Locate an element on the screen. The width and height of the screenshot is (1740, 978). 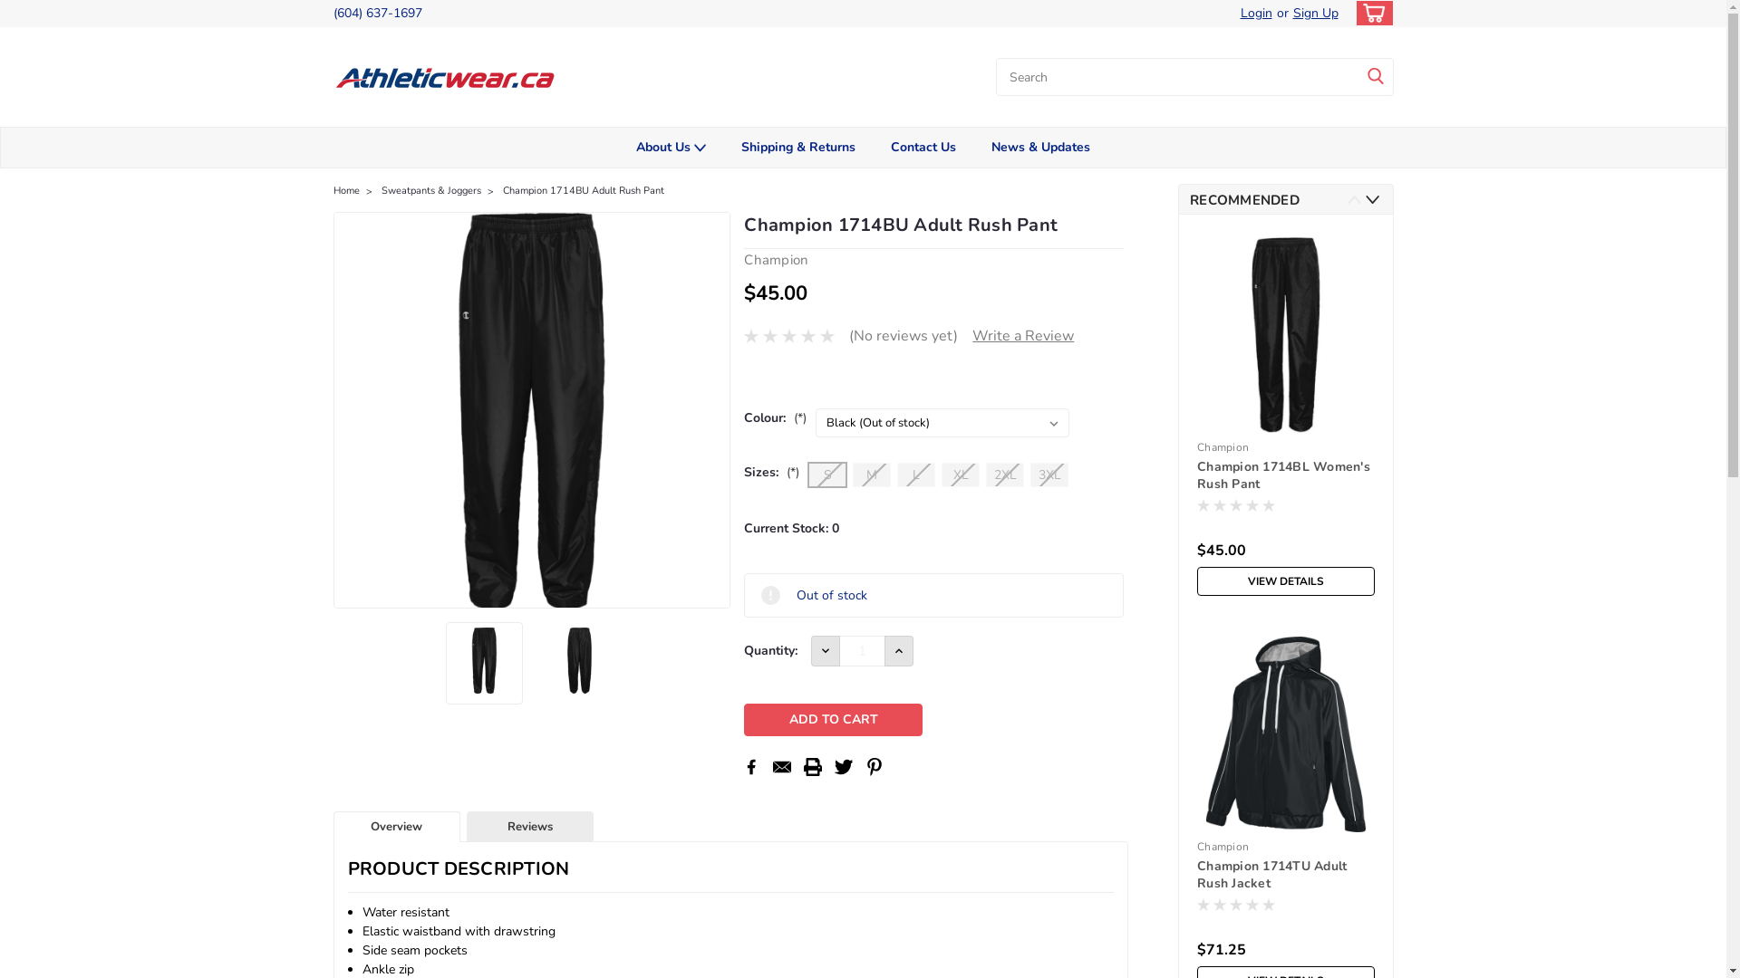
'Reviews' is located at coordinates (529, 828).